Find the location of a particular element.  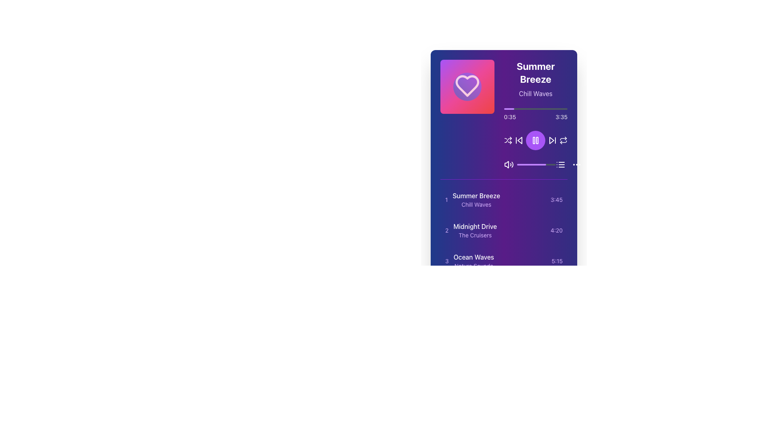

text label displaying 'Summer Breeze' which is styled in white against a gradient purple background, located at the top-middle portion of the interface is located at coordinates (476, 196).